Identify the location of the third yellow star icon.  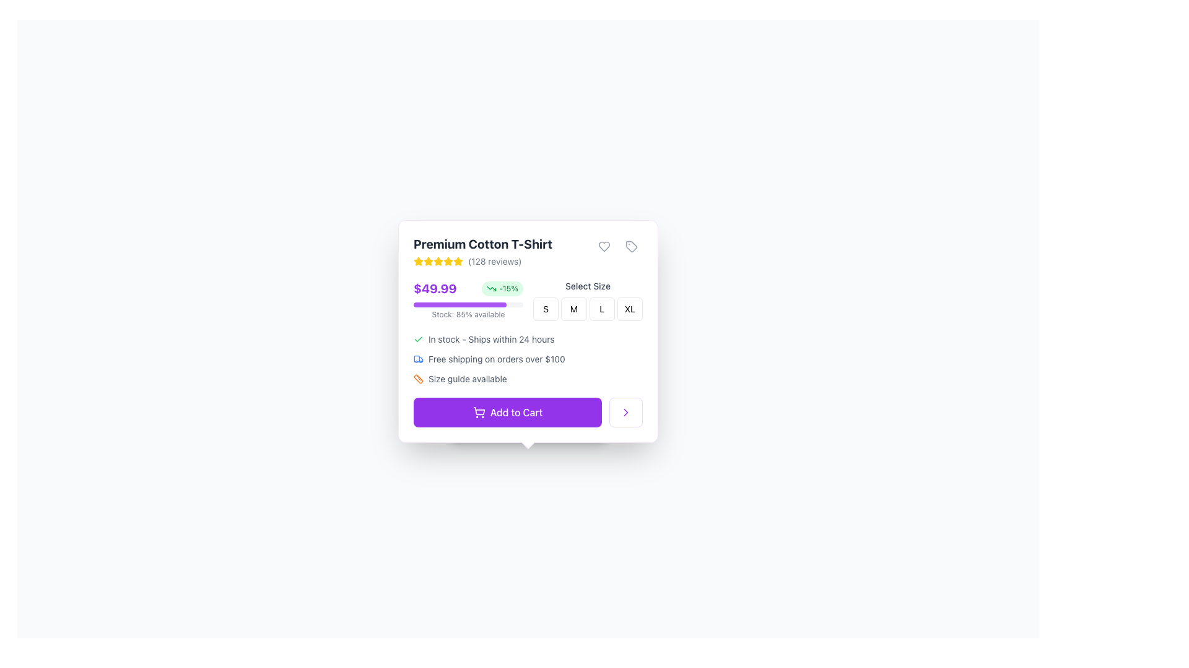
(428, 261).